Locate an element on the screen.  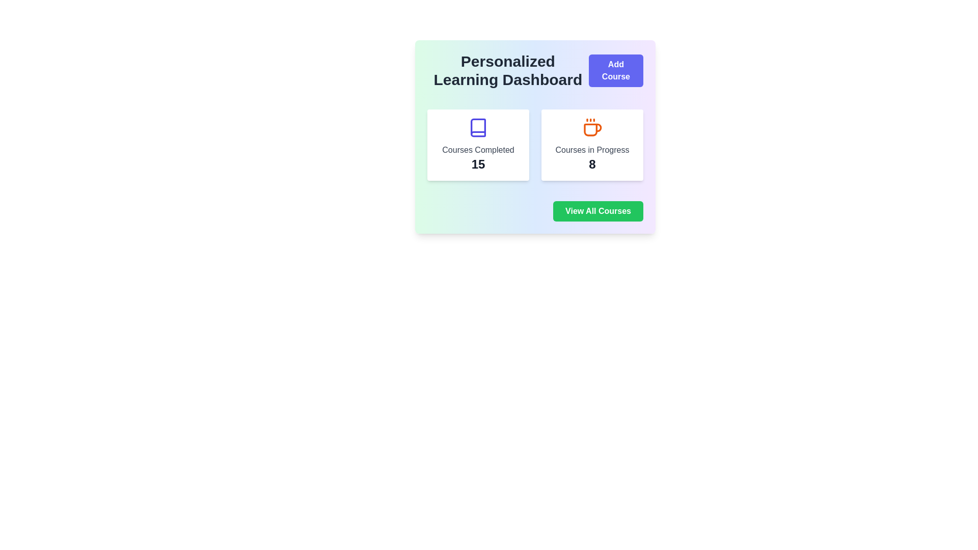
the blue rectangular button labeled 'Add Course' is located at coordinates (615, 70).